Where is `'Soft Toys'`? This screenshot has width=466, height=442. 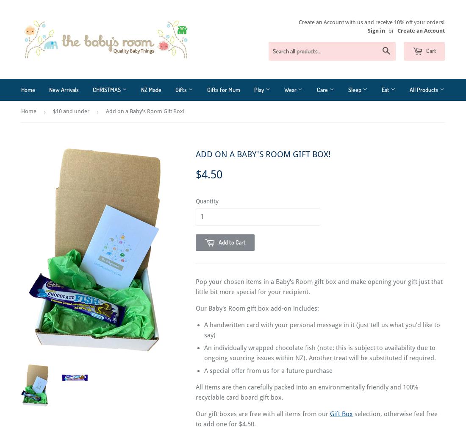
'Soft Toys' is located at coordinates (266, 164).